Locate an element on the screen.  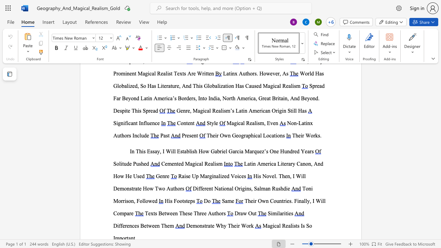
the space between the continuous character "u" and "s" in the text is located at coordinates (138, 164).